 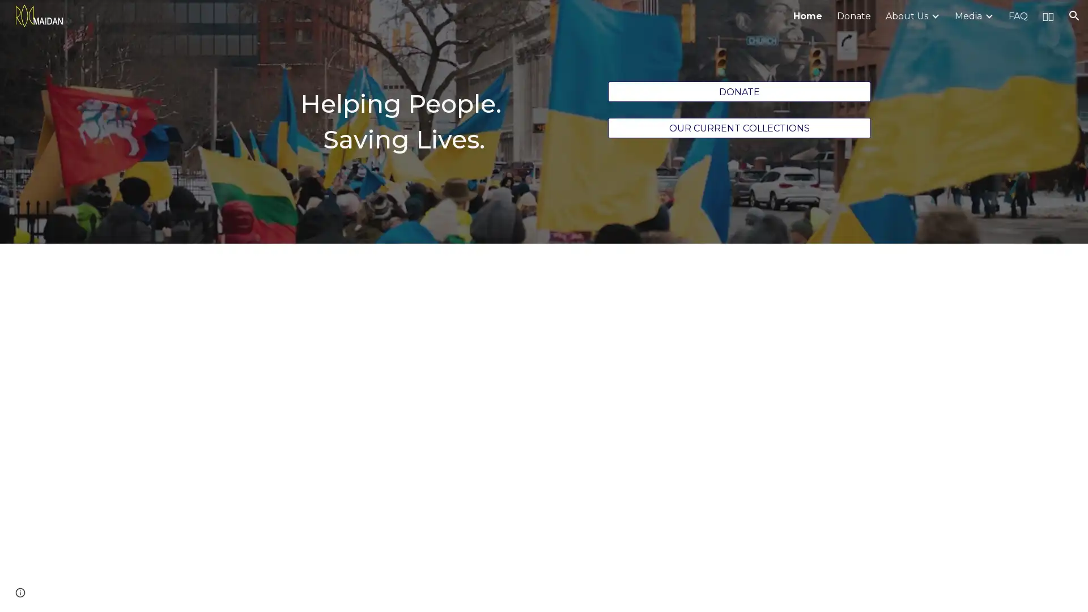 What do you see at coordinates (20, 592) in the screenshot?
I see `Site actions` at bounding box center [20, 592].